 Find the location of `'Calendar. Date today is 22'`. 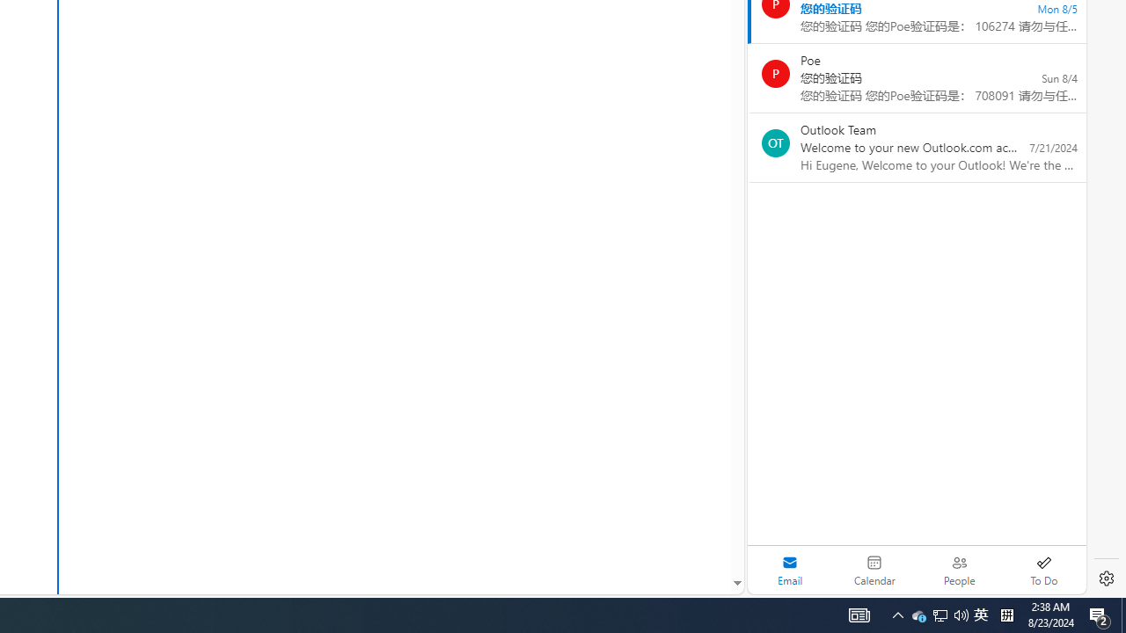

'Calendar. Date today is 22' is located at coordinates (874, 570).